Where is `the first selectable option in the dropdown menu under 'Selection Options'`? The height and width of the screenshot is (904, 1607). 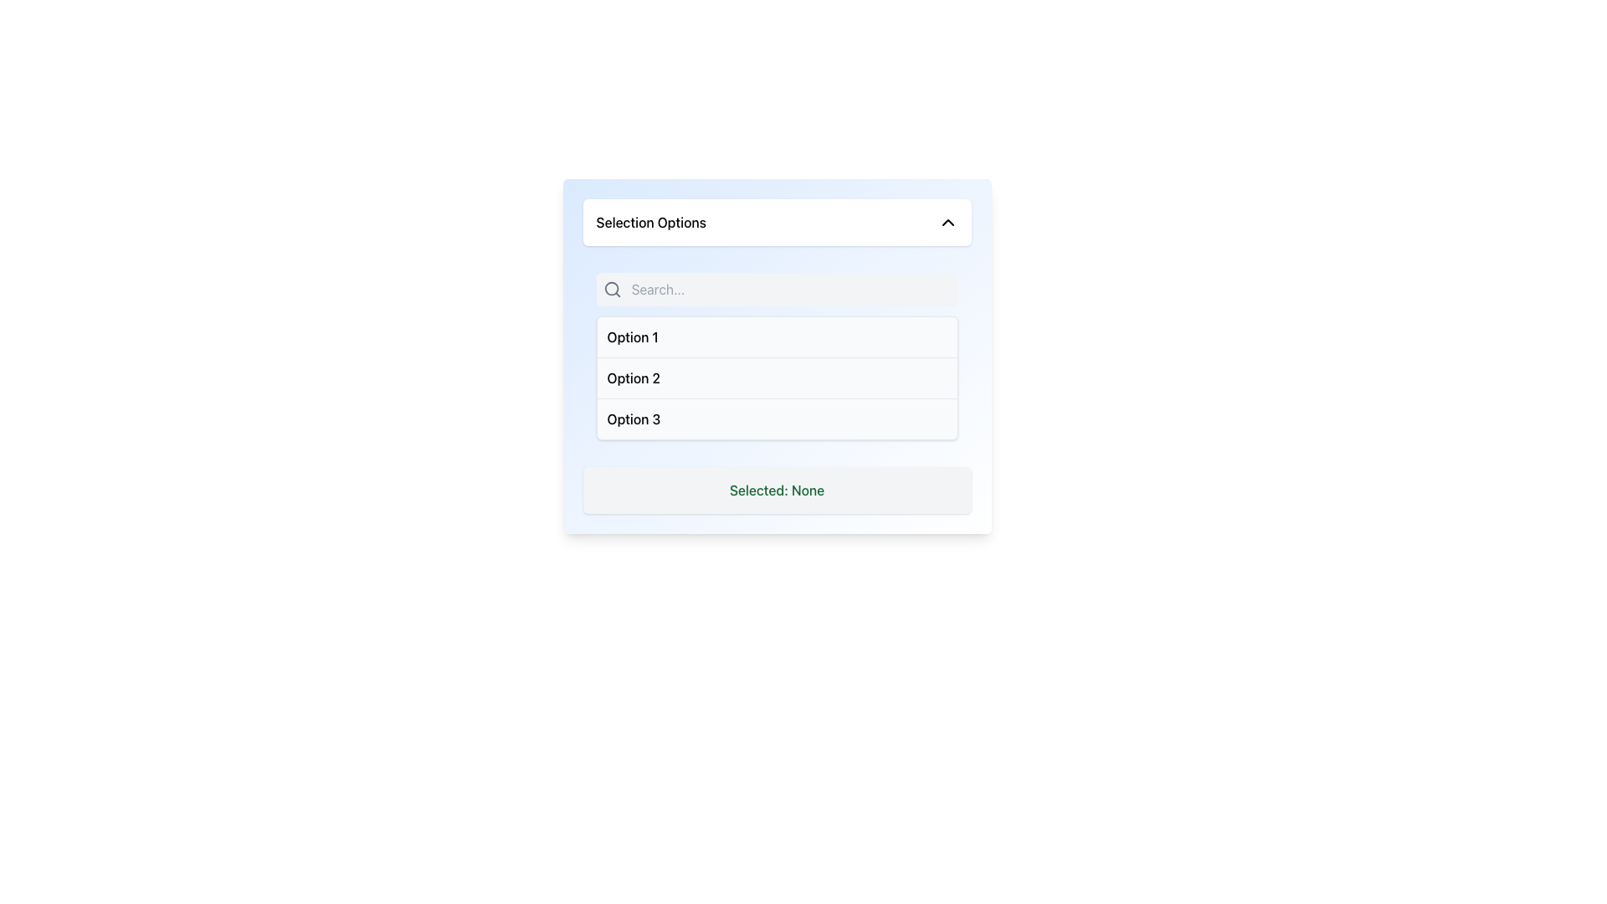 the first selectable option in the dropdown menu under 'Selection Options' is located at coordinates (631, 336).